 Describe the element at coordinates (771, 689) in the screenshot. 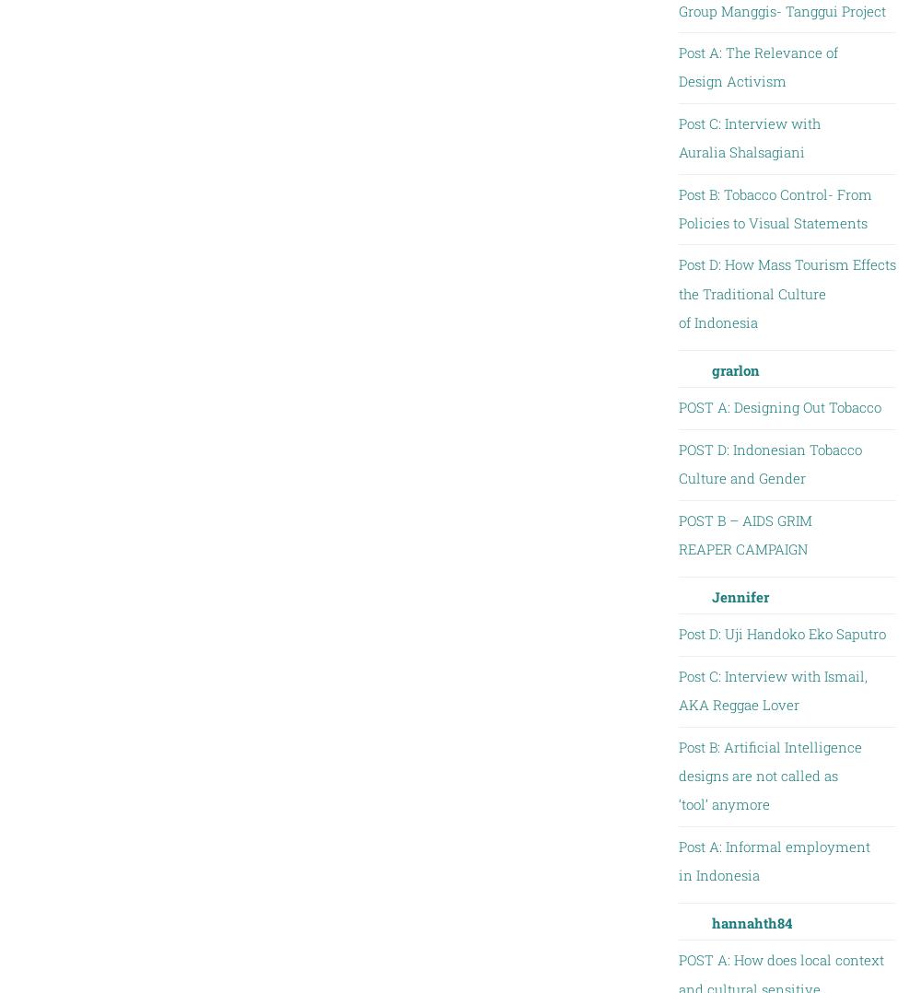

I see `'Post C: Interview with Ismail, AKA Reggae Lover'` at that location.